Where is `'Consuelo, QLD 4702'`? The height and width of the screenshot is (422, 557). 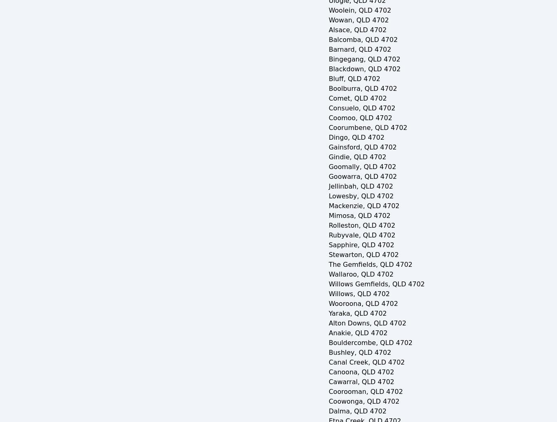 'Consuelo, QLD 4702' is located at coordinates (361, 108).